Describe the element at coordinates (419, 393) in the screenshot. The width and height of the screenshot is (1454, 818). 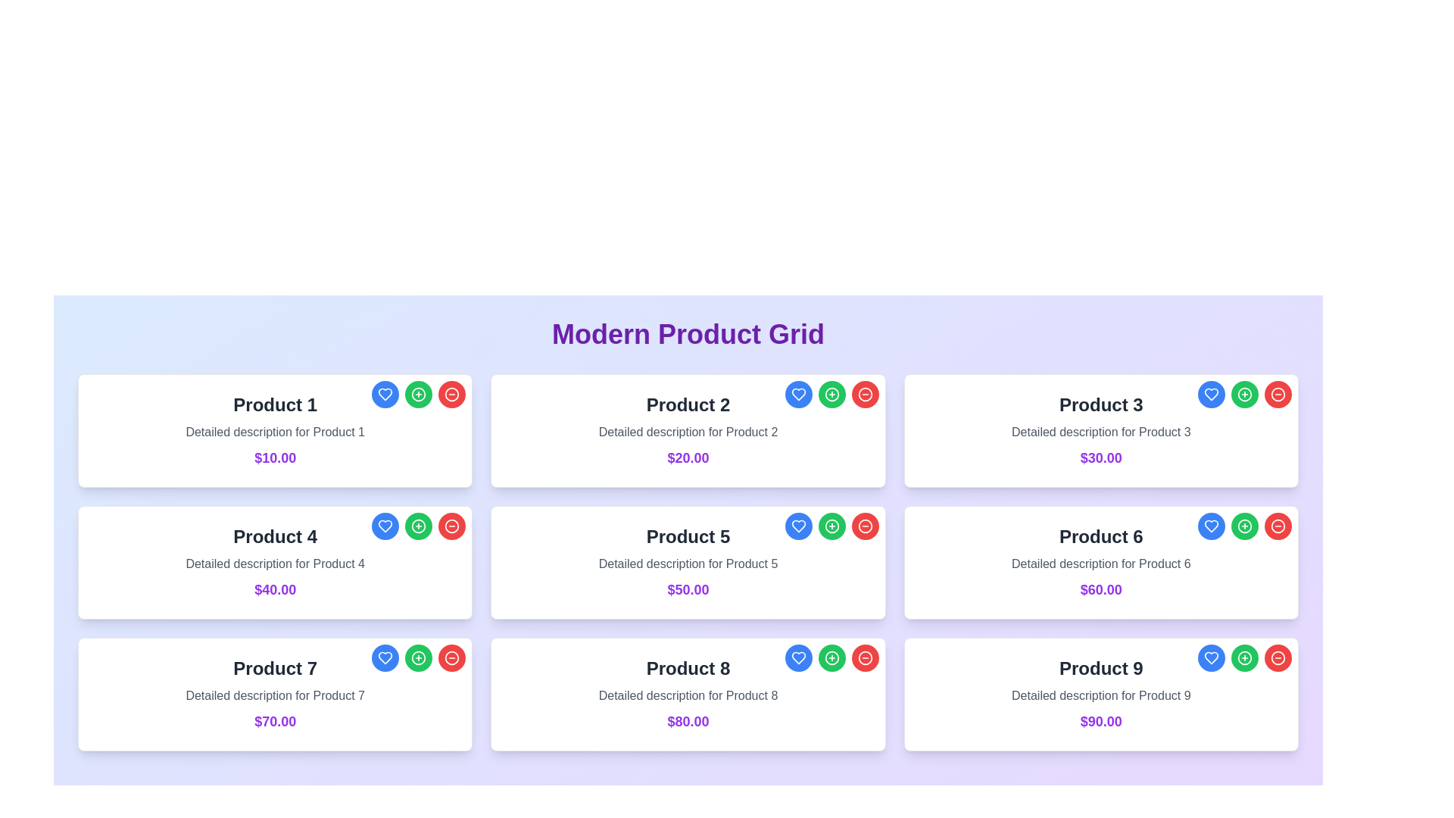
I see `the 'Add' button located under 'Product 1'` at that location.